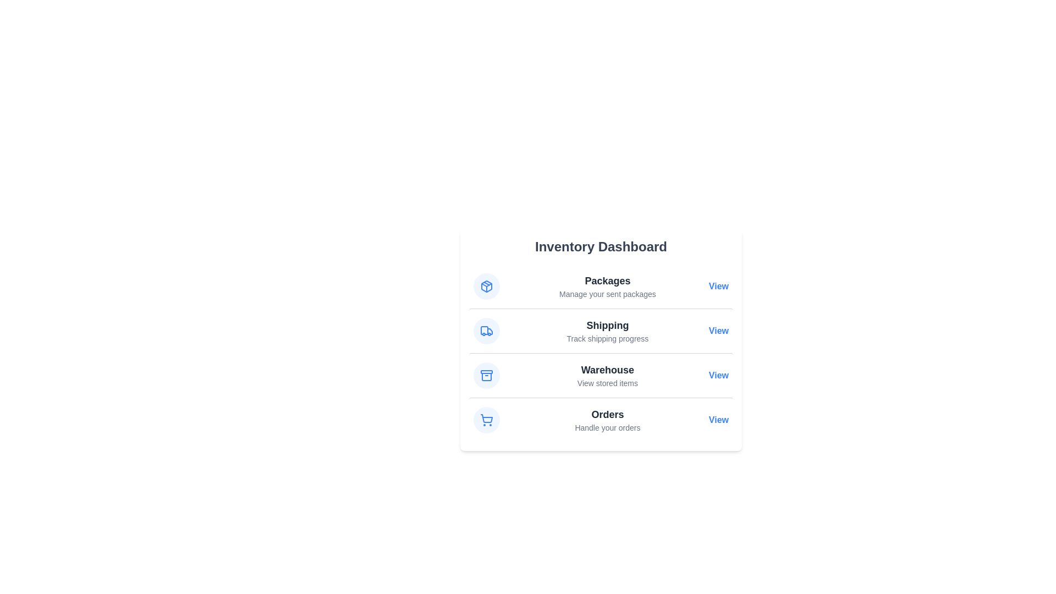  Describe the element at coordinates (601, 375) in the screenshot. I see `the list item corresponding to Warehouse` at that location.